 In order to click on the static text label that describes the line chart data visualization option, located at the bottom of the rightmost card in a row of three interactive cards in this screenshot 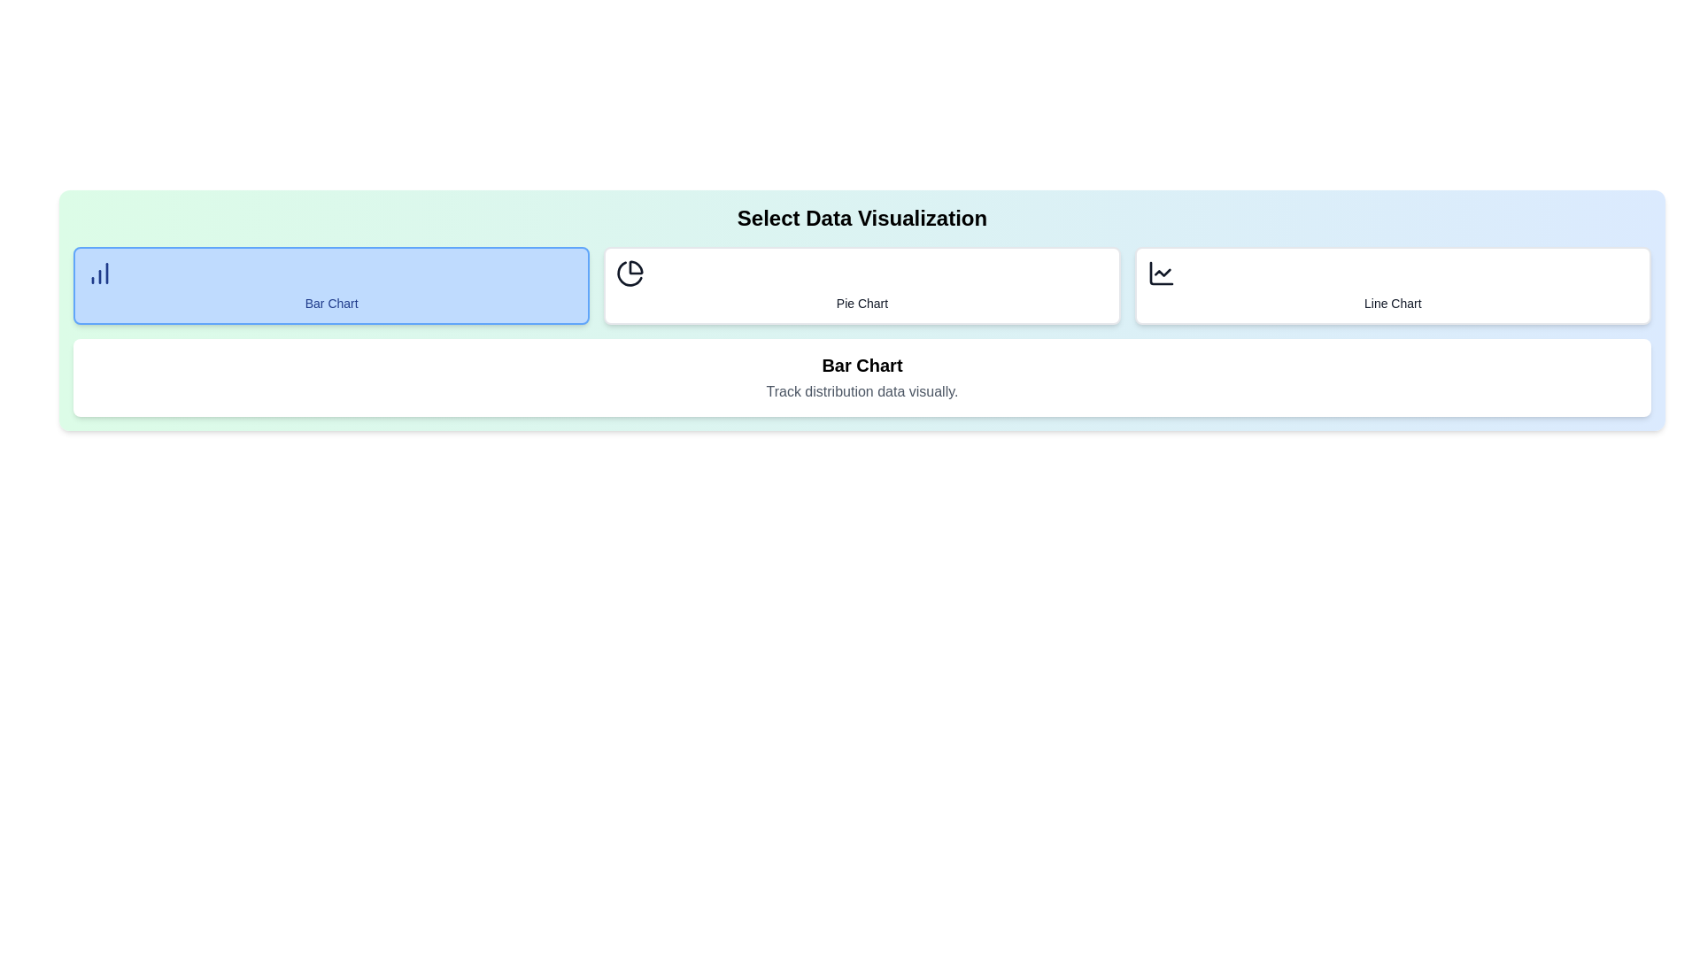, I will do `click(1392, 303)`.